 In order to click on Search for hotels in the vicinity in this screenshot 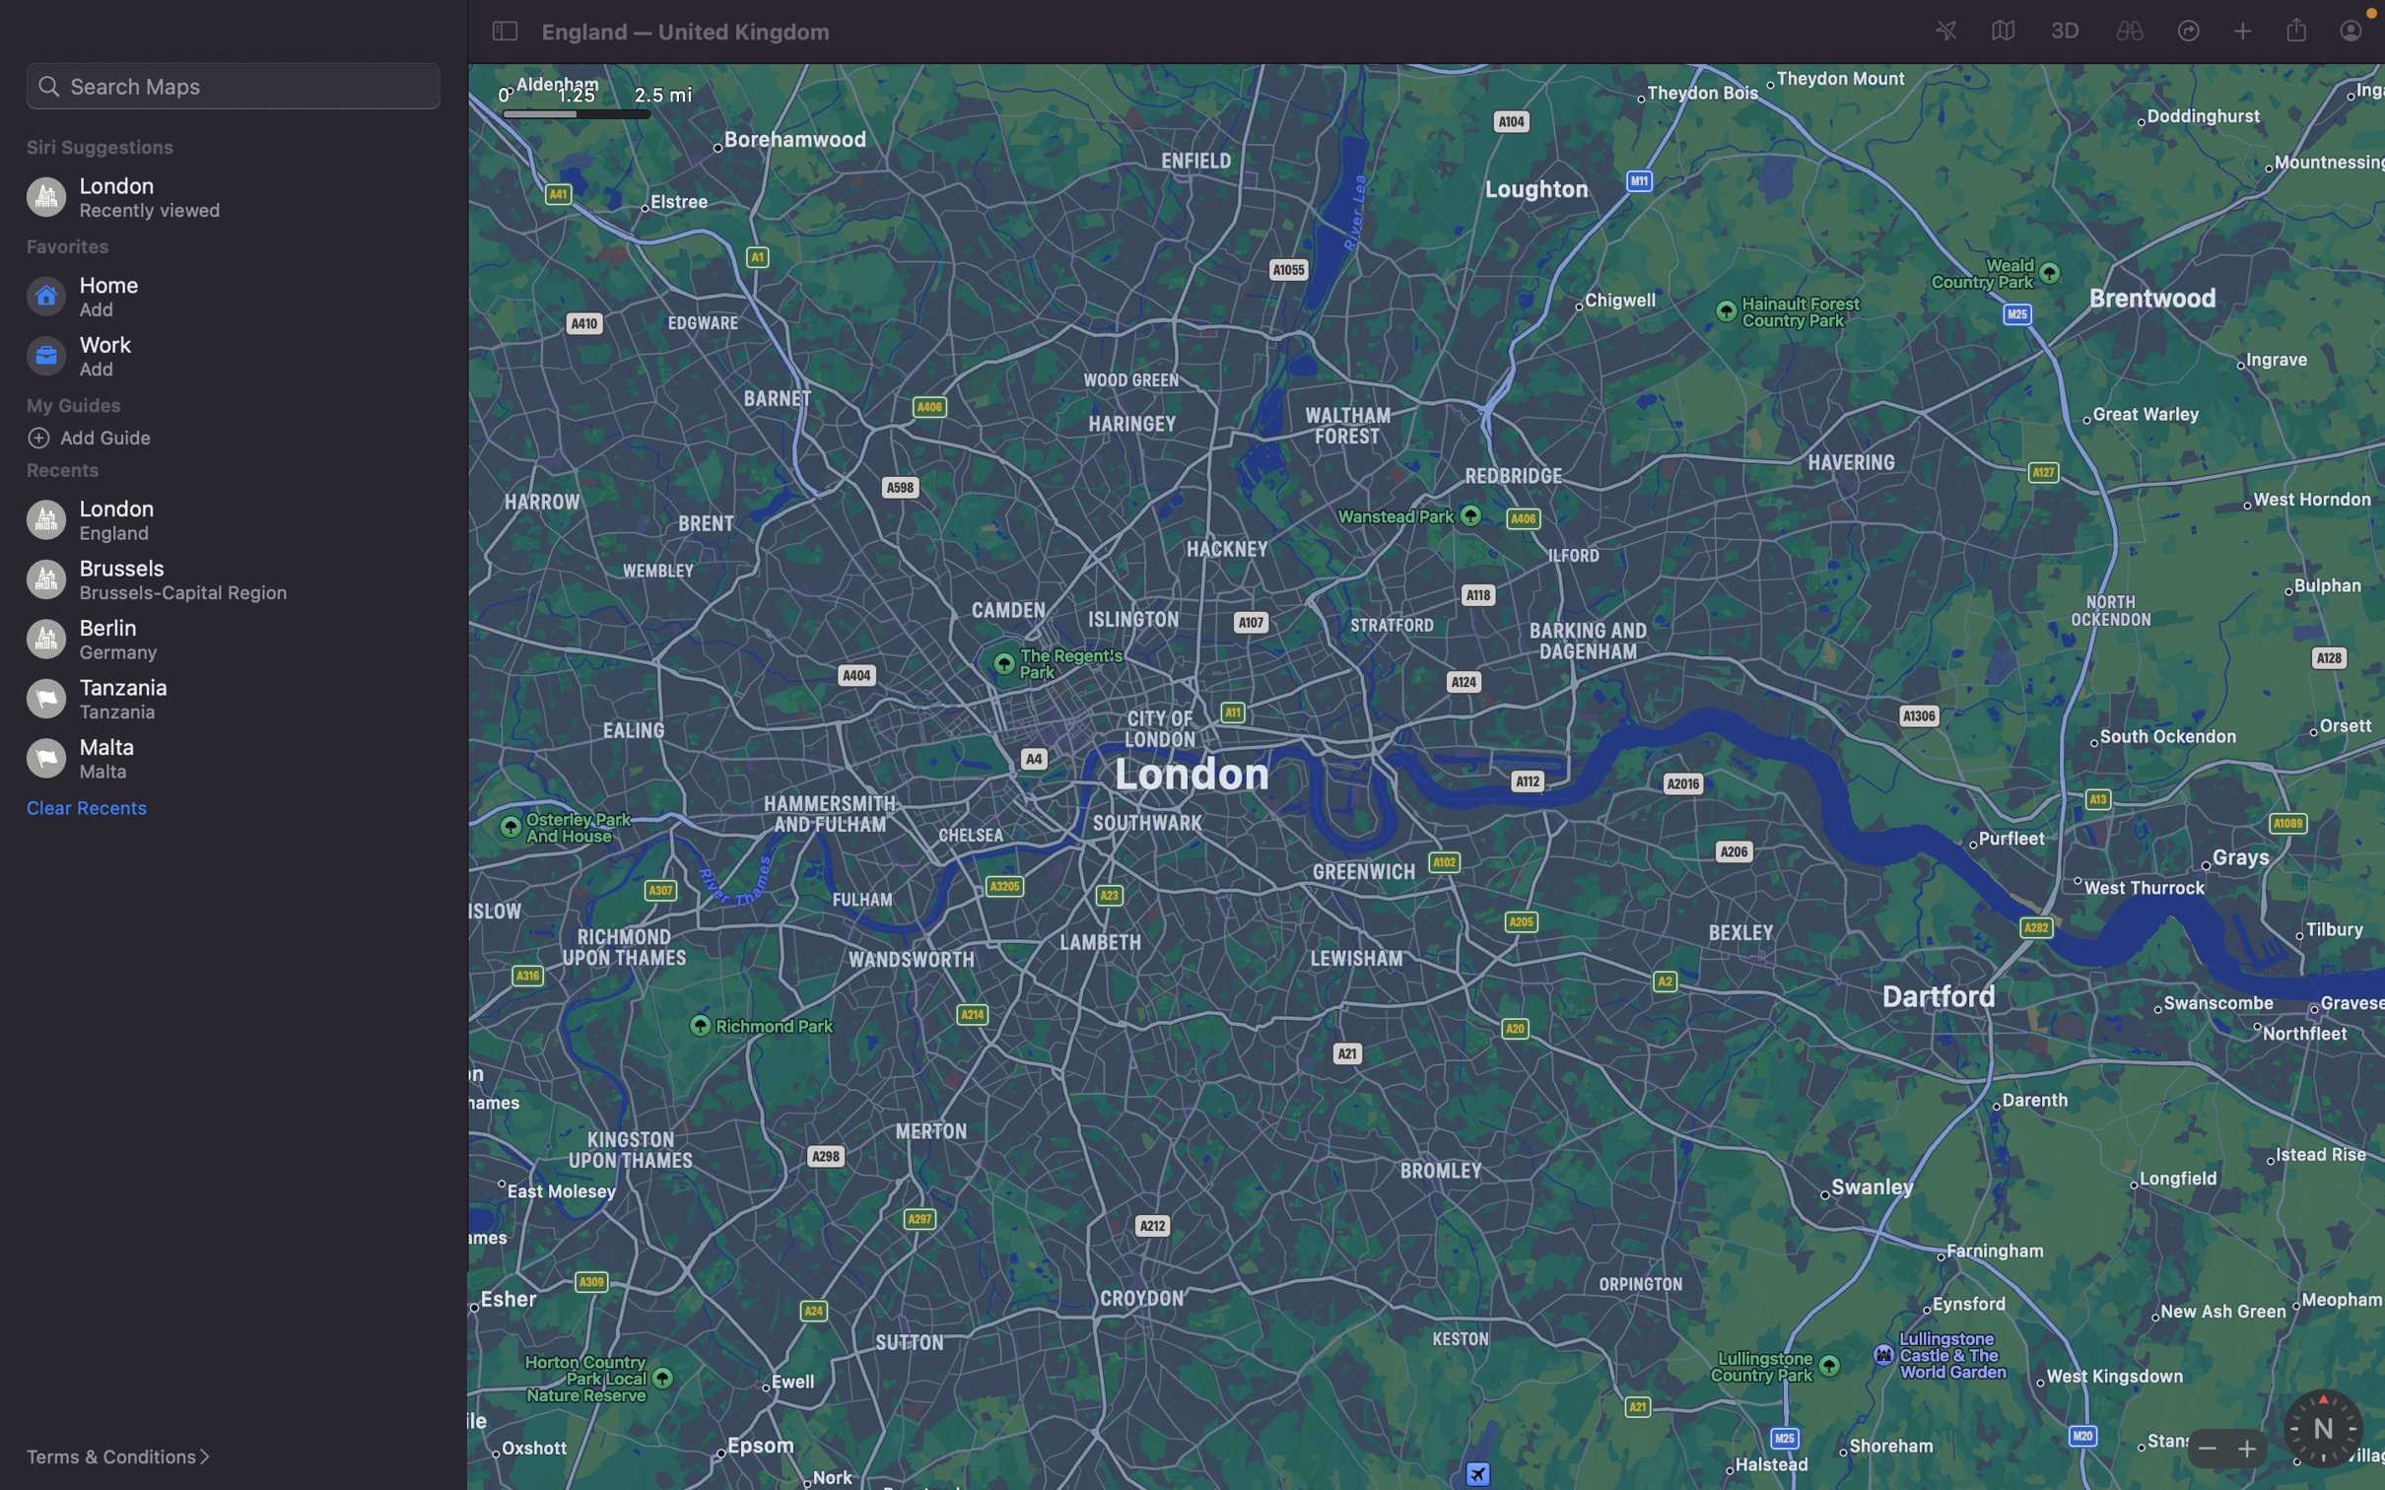, I will do `click(234, 85)`.